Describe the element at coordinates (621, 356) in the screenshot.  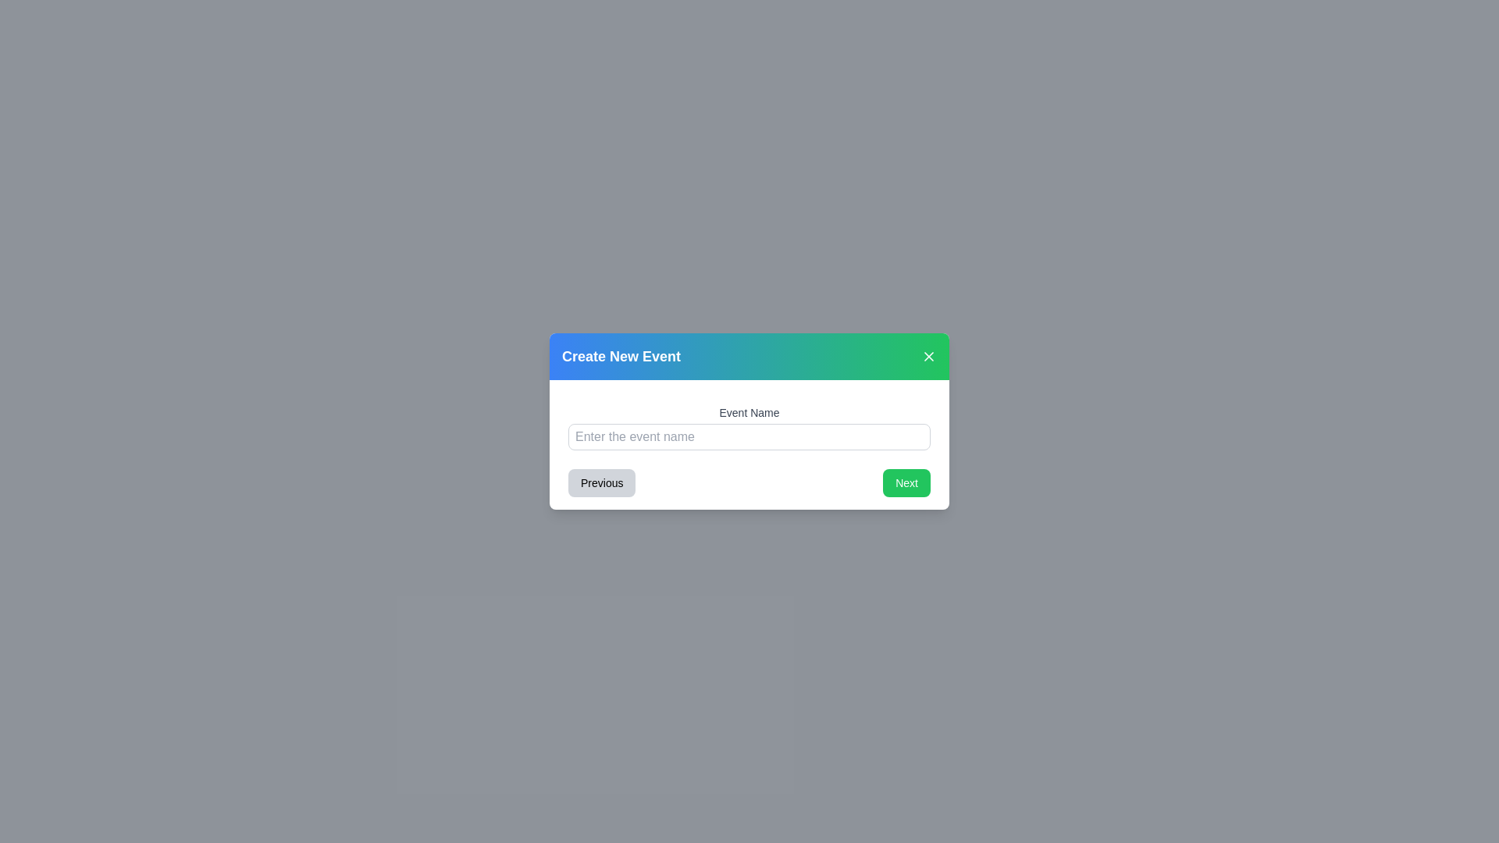
I see `the prominent header text label in the modal dialog that indicates the purpose of creating a new event` at that location.